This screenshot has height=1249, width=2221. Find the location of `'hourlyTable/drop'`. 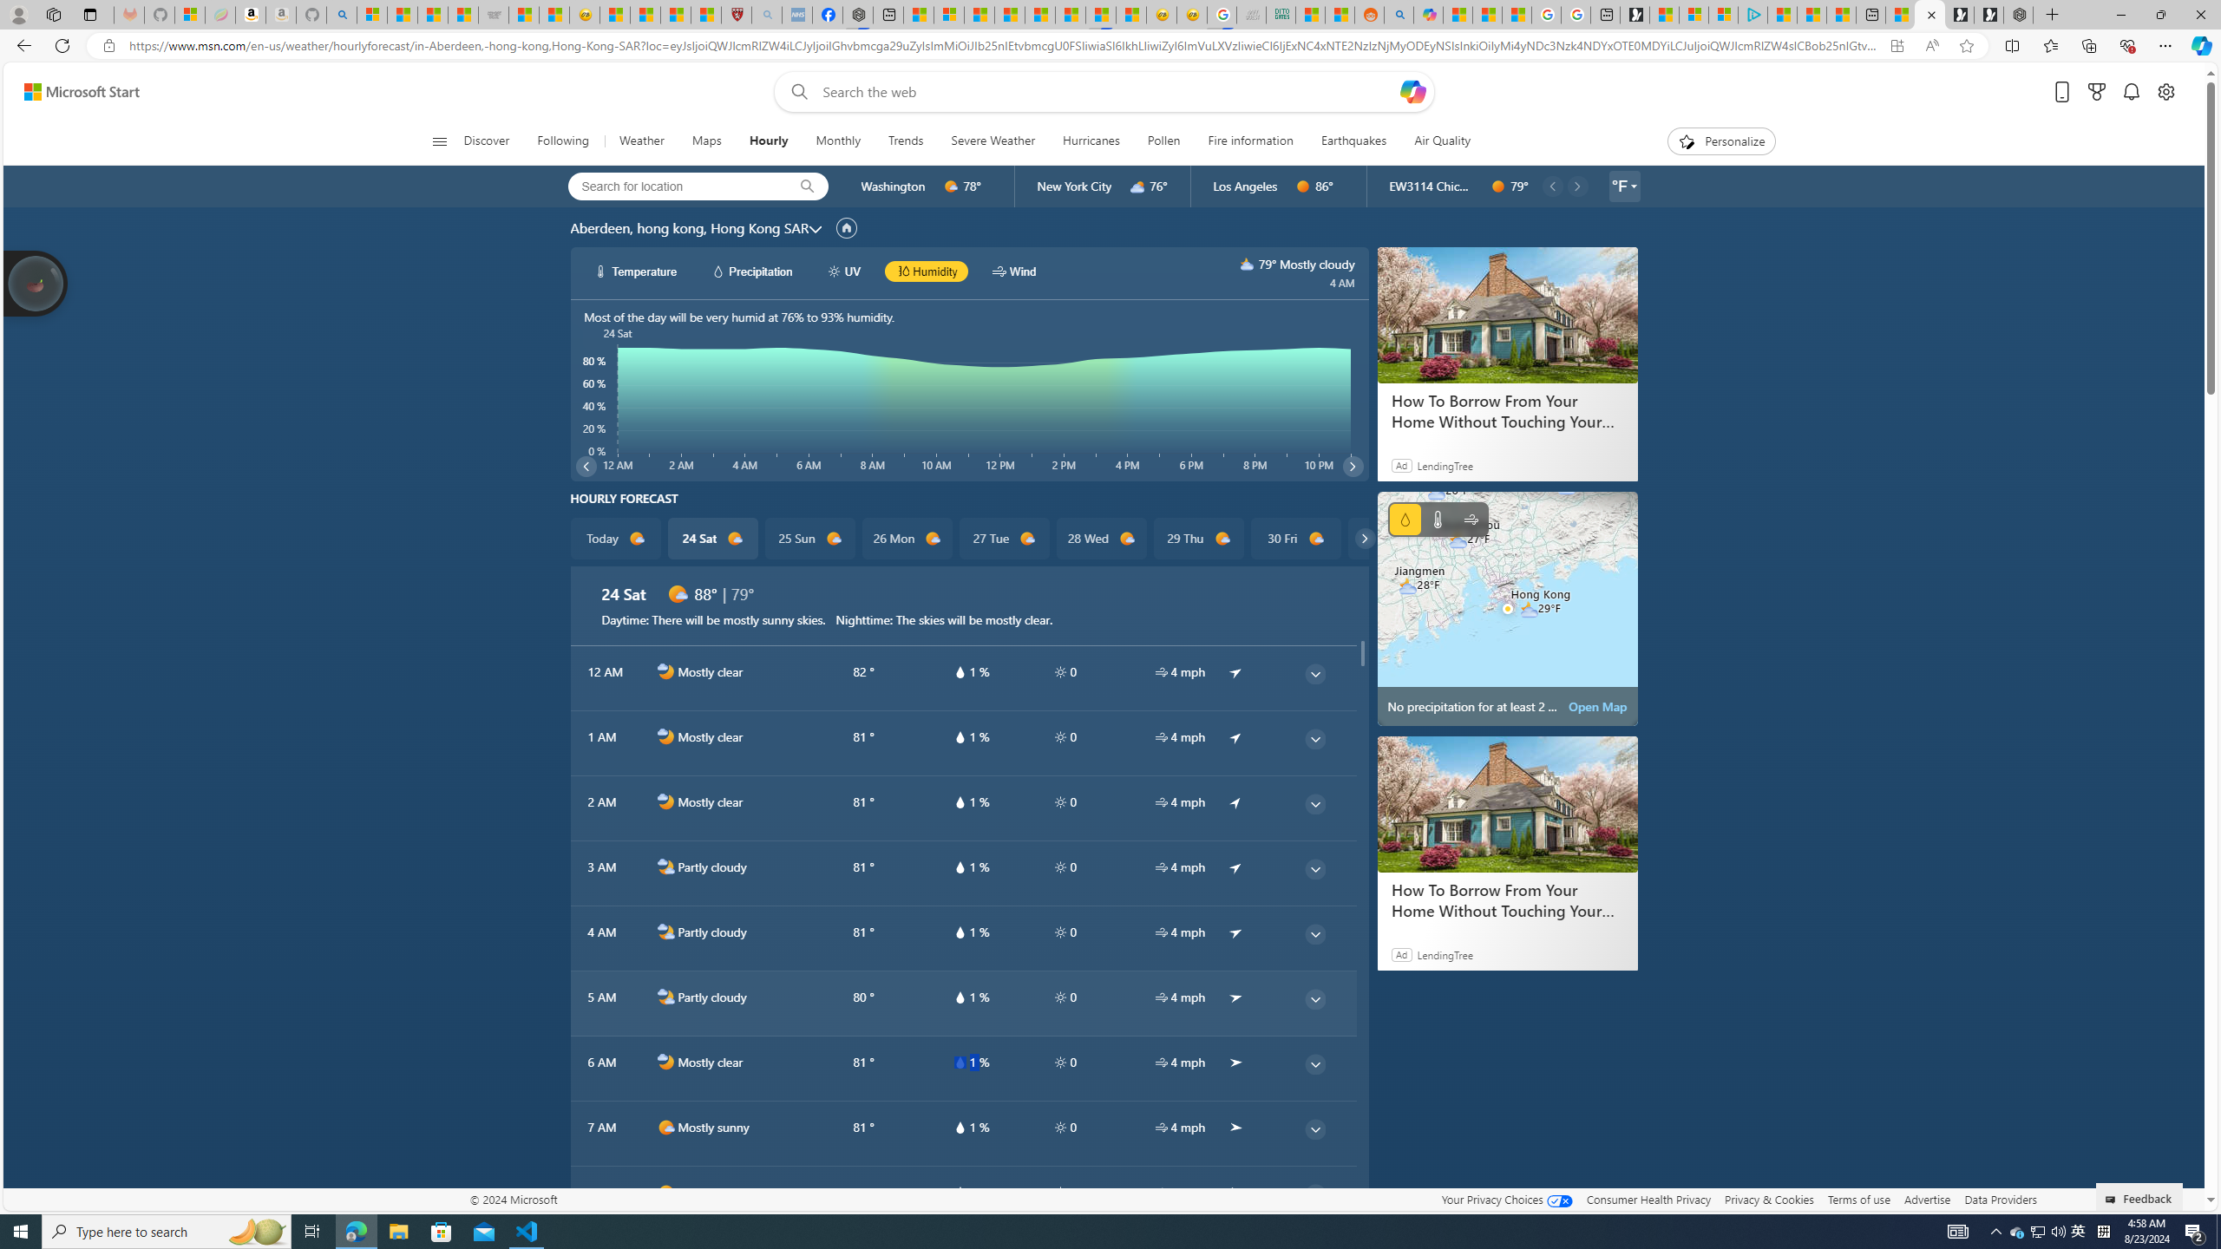

'hourlyTable/drop' is located at coordinates (958, 1192).